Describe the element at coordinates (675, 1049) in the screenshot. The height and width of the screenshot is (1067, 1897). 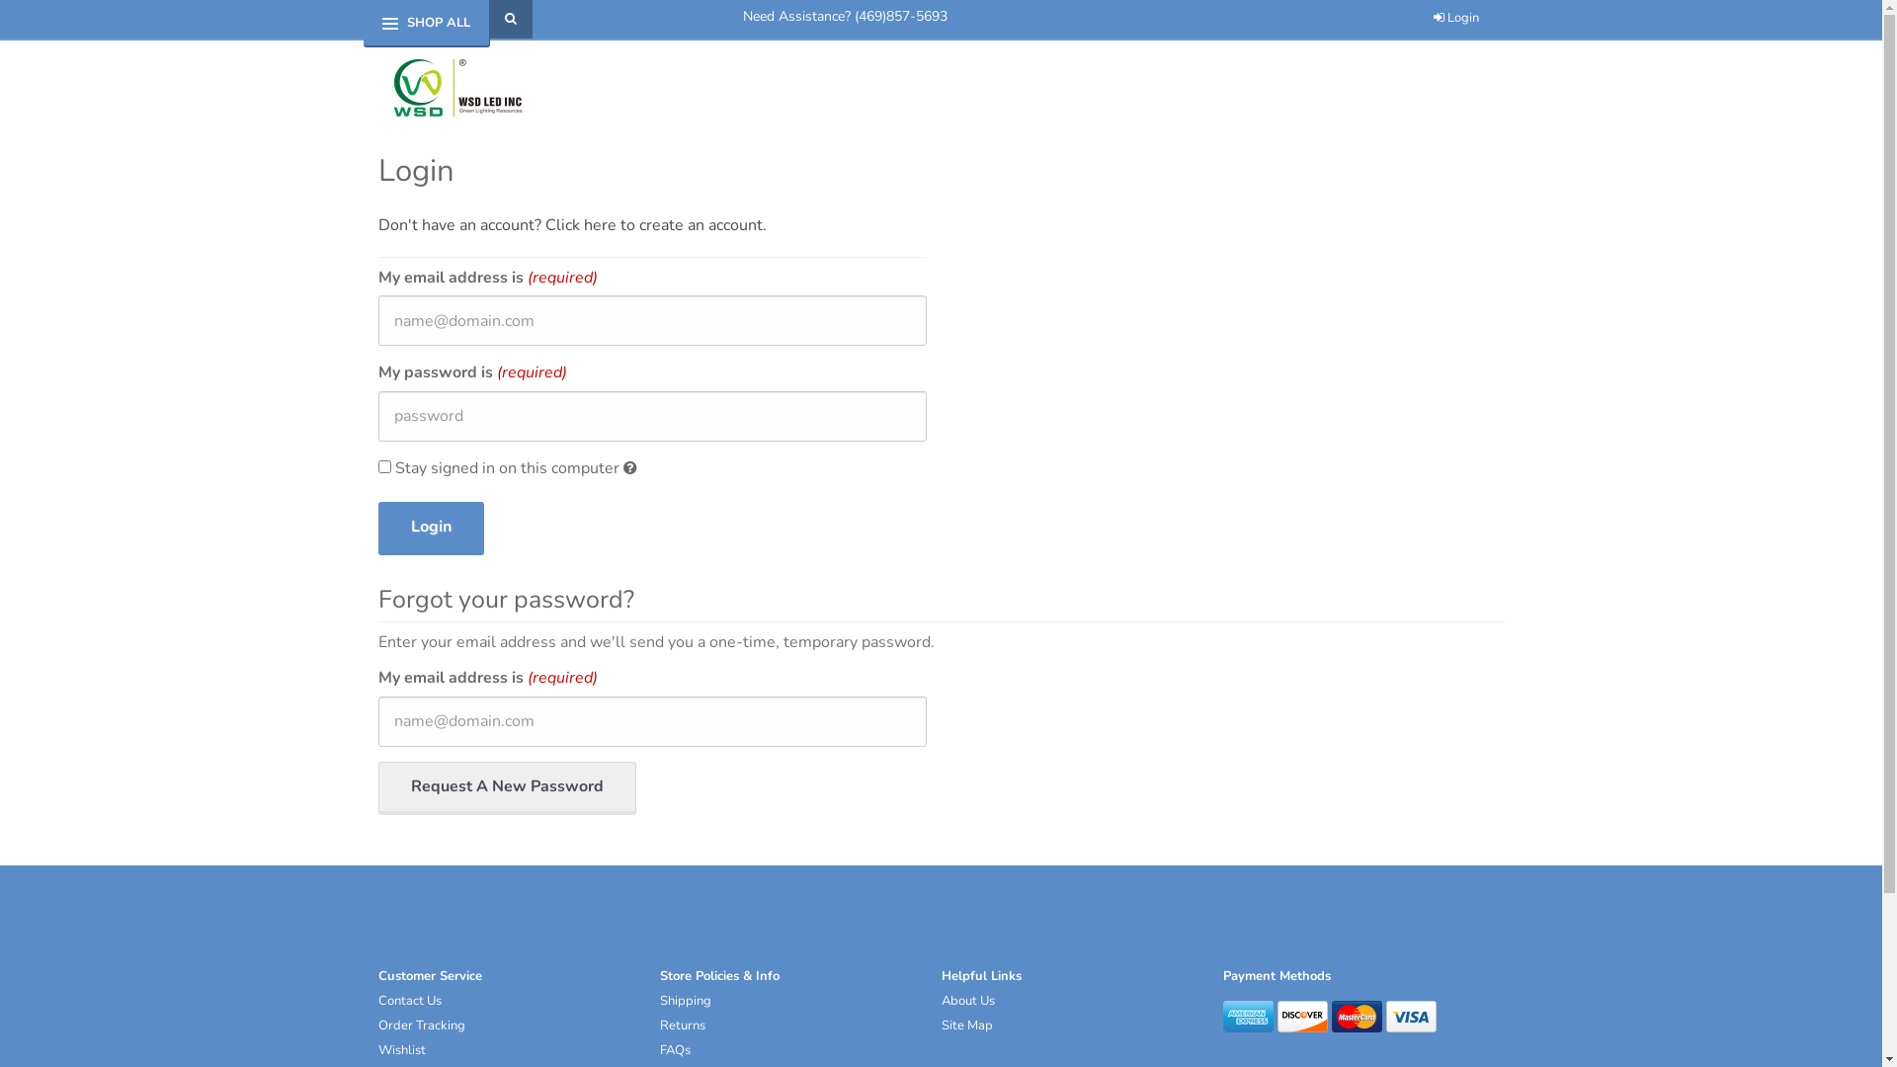
I see `'FAQs'` at that location.